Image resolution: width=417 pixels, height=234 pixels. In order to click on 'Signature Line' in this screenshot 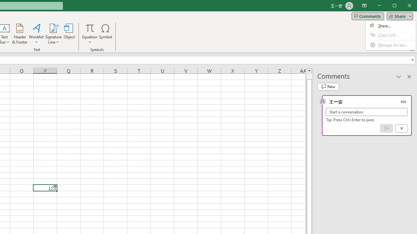, I will do `click(53, 34)`.